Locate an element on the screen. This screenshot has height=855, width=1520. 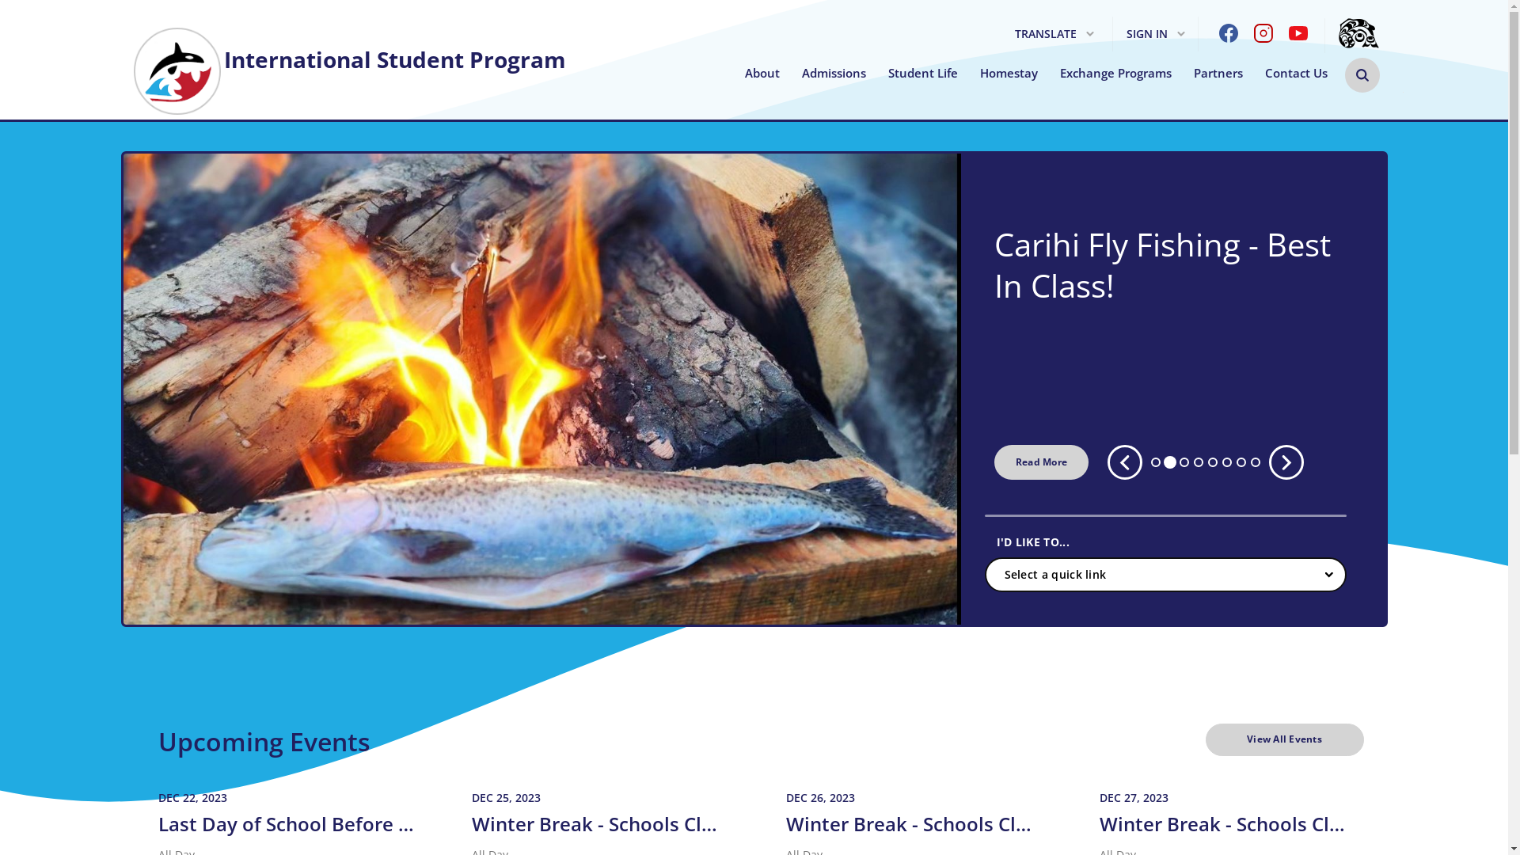
'SIGN IN' is located at coordinates (1155, 34).